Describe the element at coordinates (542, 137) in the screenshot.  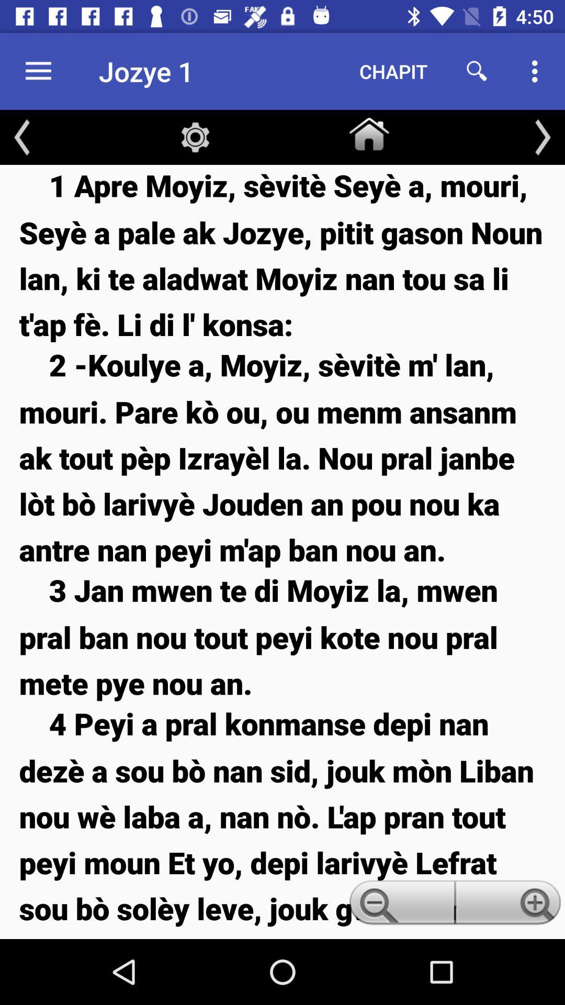
I see `the arrow_forward icon` at that location.